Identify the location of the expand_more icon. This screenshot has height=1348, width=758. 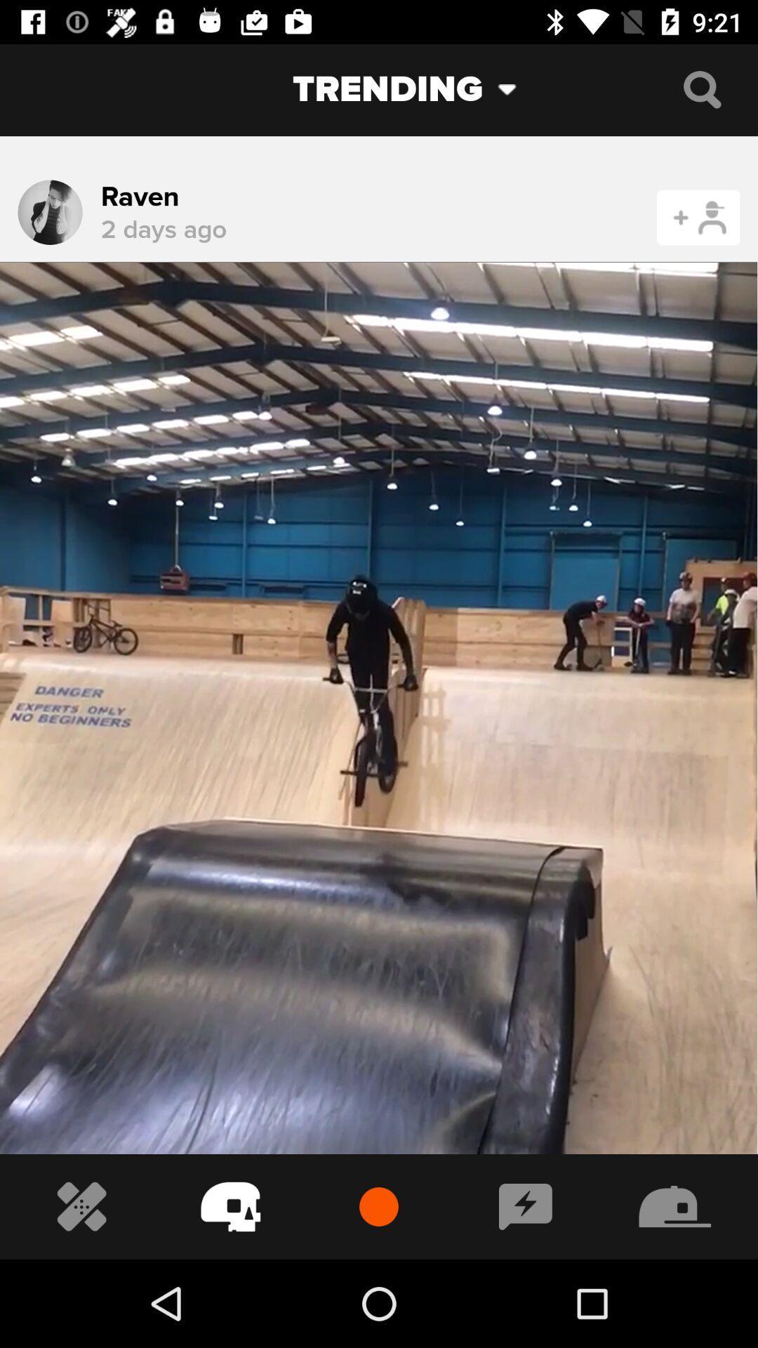
(518, 88).